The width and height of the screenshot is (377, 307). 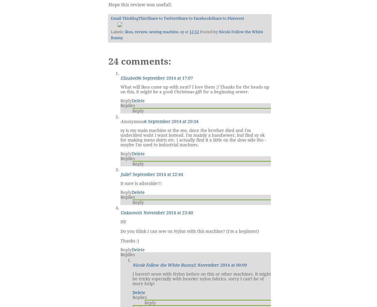 What do you see at coordinates (120, 231) in the screenshot?
I see `'Do you think I can sew on Nylon with this machine? (I'm a beginner)'` at bounding box center [120, 231].